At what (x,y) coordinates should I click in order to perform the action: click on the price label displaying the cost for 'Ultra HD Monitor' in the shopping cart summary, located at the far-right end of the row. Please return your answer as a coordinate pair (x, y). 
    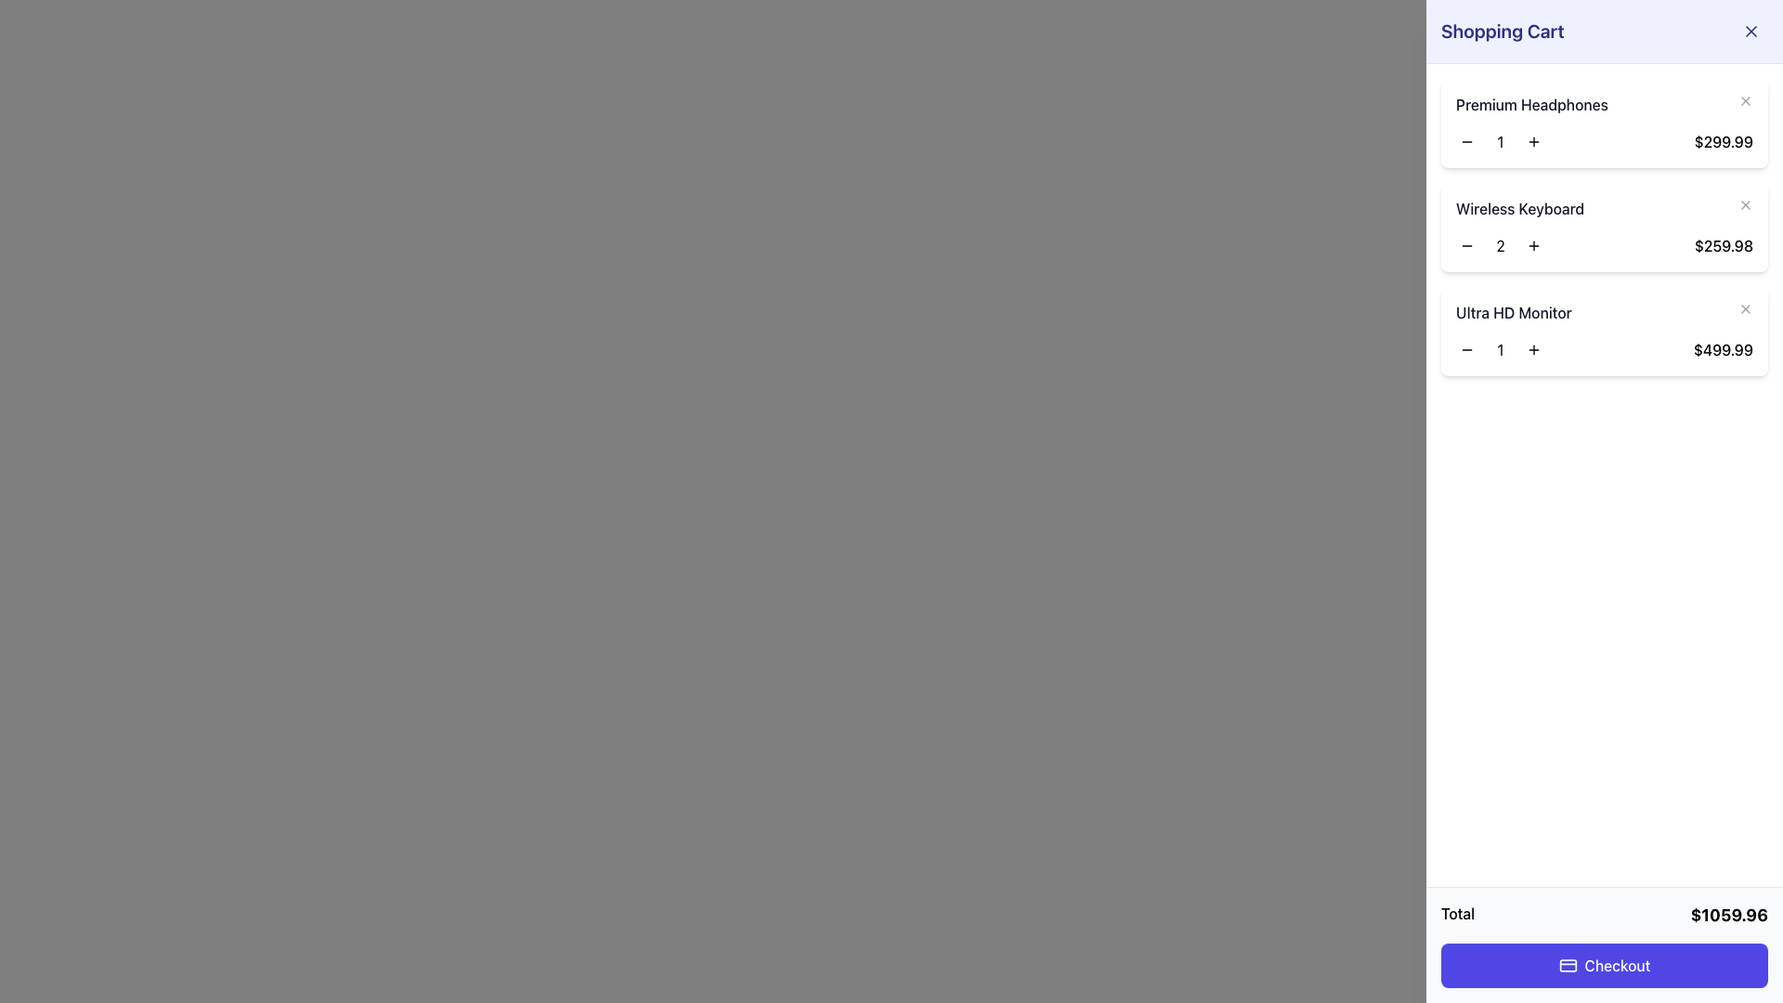
    Looking at the image, I should click on (1722, 350).